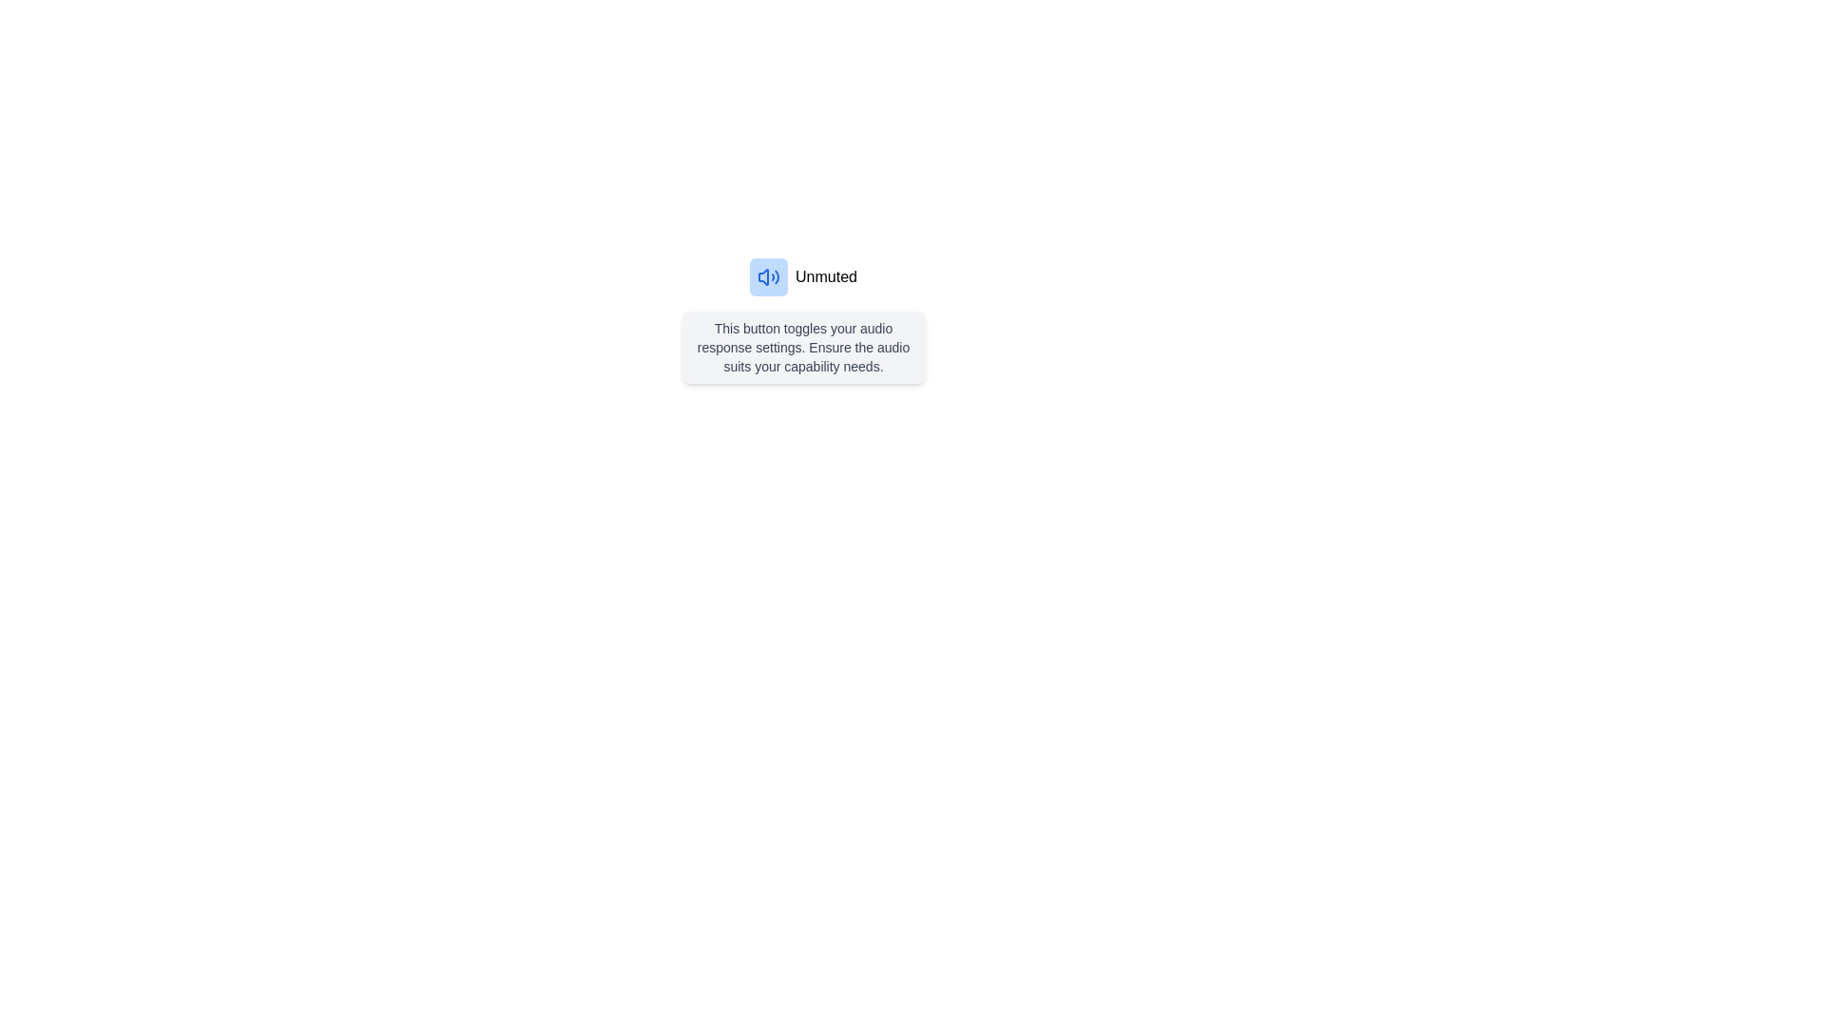  What do you see at coordinates (826, 277) in the screenshot?
I see `the Text Label displaying 'Unmuted', which is positioned closely to a blue speaker icon and centered within a card` at bounding box center [826, 277].